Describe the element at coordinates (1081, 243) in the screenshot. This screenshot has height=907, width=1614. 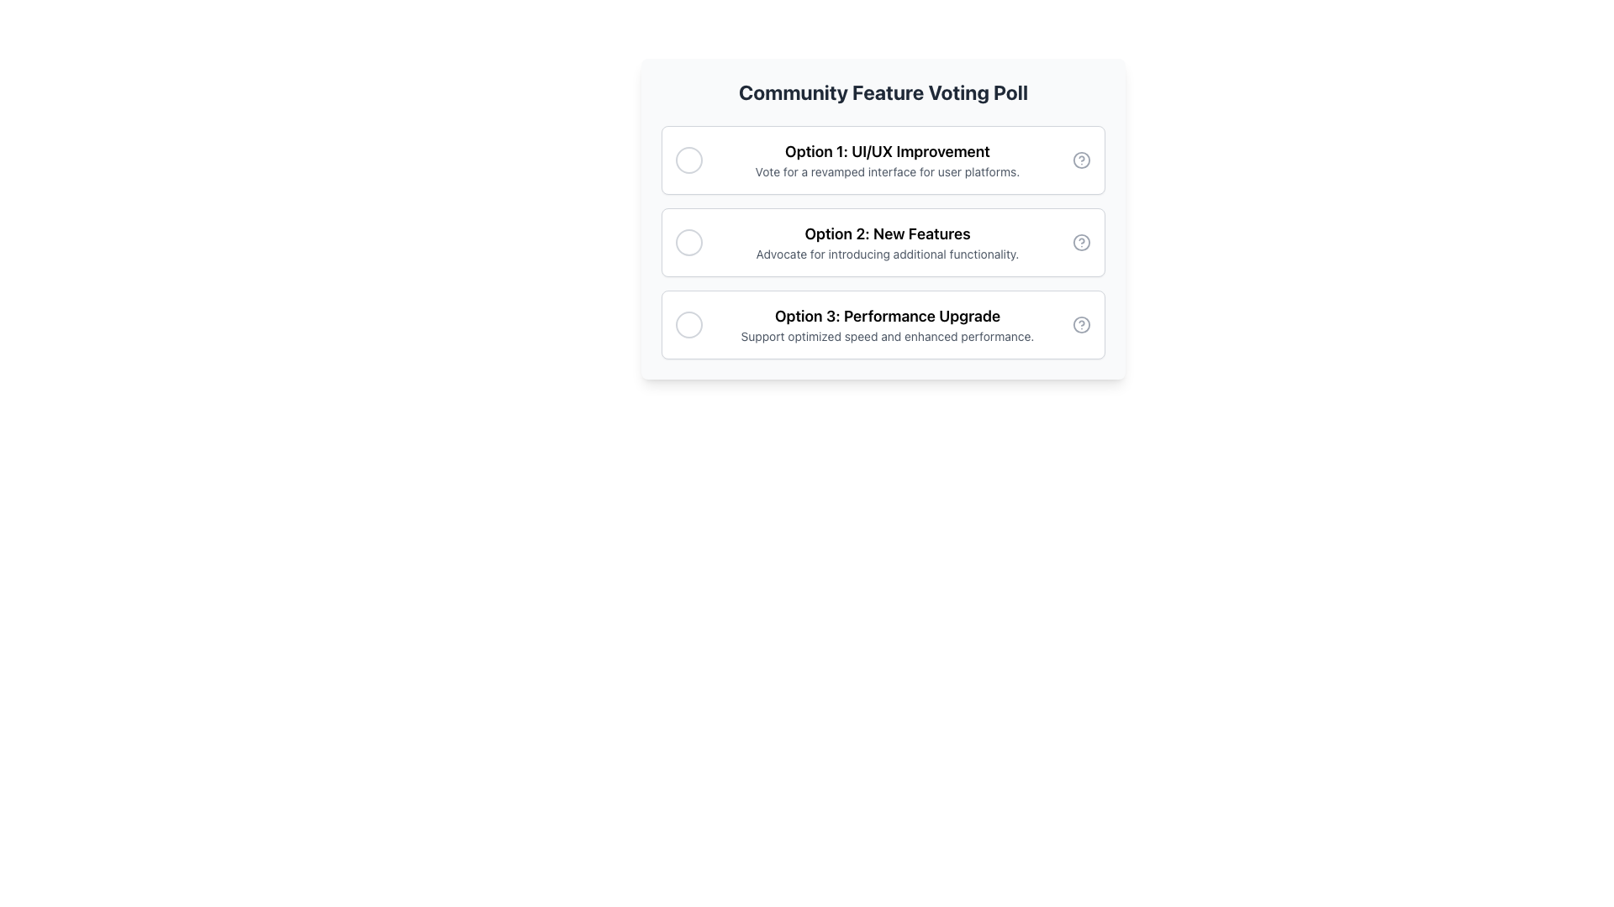
I see `the inner Circle element of the SVG graphic that is part of the icon next to the voting text for 'Option 2: New Features'` at that location.